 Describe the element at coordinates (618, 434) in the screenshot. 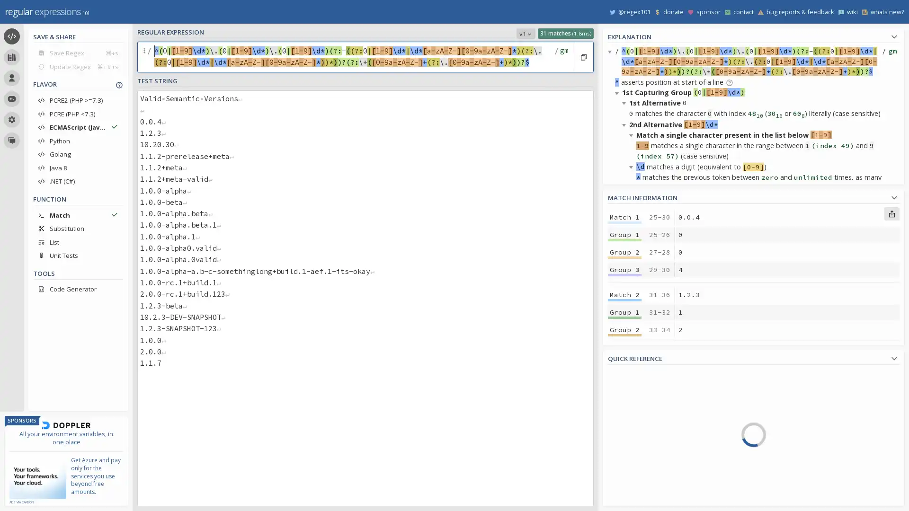

I see `Collapse Subtree` at that location.